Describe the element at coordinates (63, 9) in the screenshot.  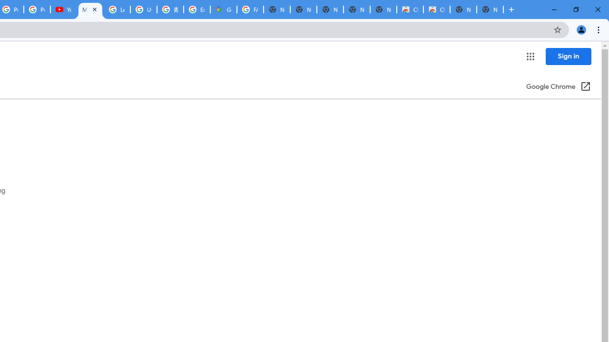
I see `'YouTube'` at that location.